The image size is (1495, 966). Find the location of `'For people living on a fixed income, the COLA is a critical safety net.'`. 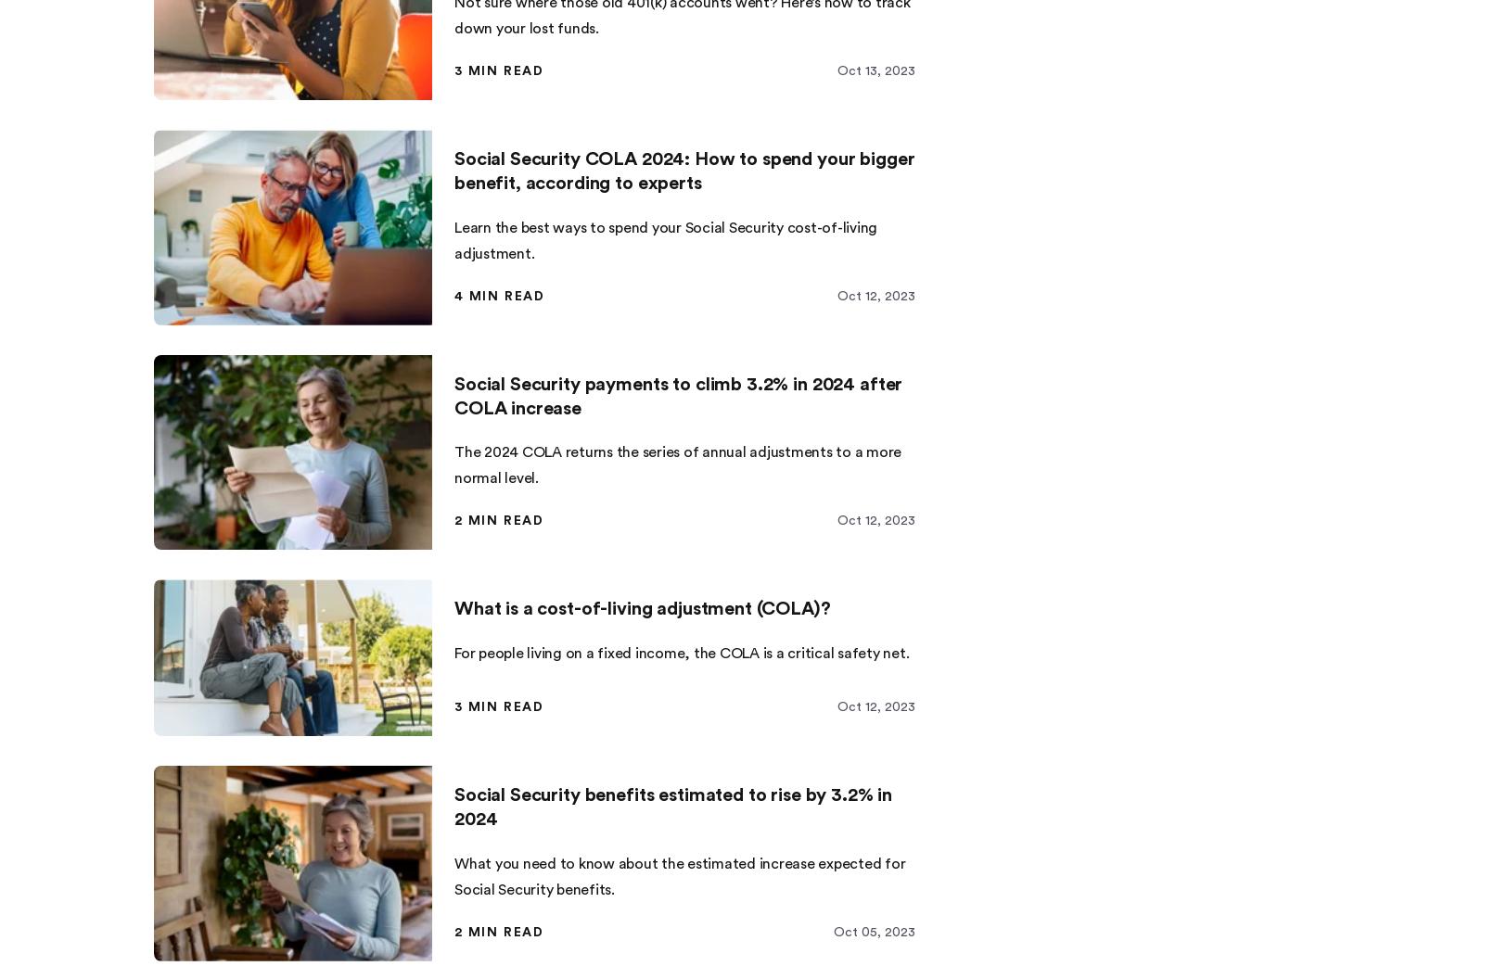

'For people living on a fixed income, the COLA is a critical safety net.' is located at coordinates (682, 651).